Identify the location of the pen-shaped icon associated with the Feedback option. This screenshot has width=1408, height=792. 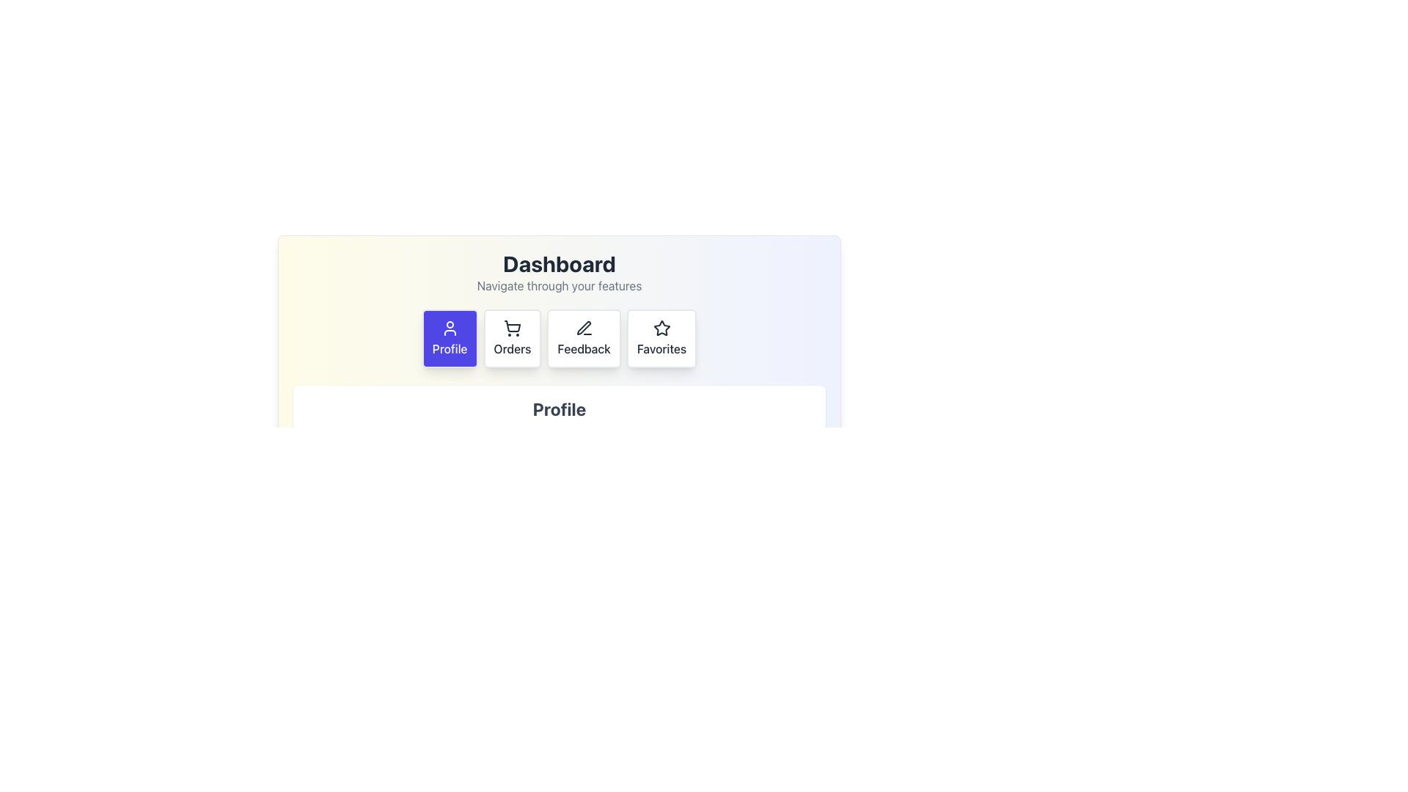
(583, 327).